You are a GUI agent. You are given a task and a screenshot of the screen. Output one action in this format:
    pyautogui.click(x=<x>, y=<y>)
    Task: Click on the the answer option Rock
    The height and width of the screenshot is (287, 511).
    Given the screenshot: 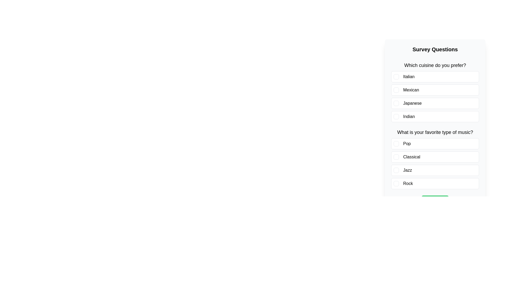 What is the action you would take?
    pyautogui.click(x=435, y=183)
    